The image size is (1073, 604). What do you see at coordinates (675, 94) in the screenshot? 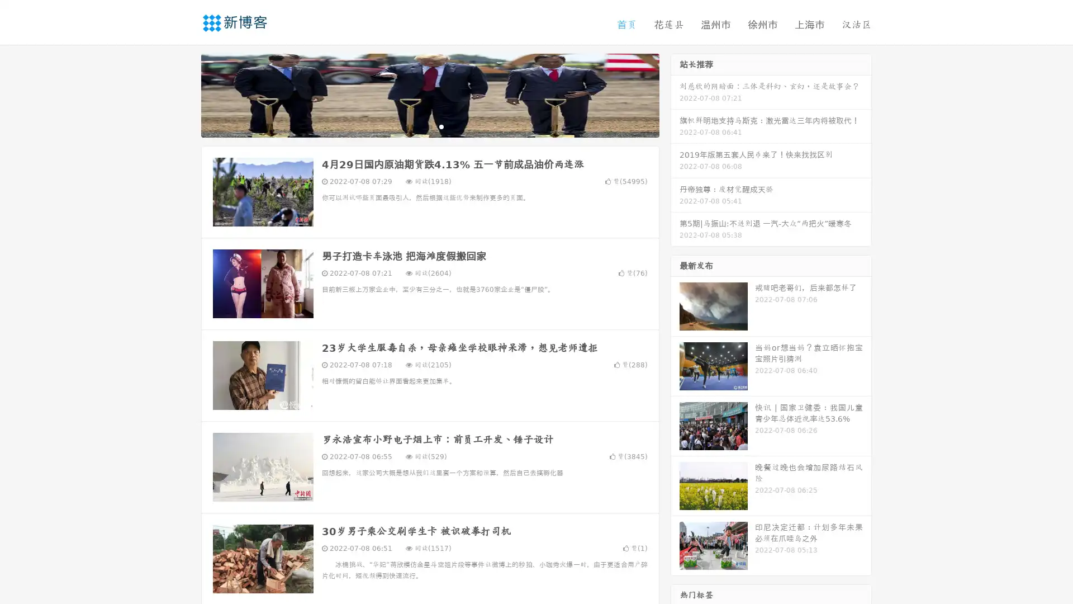
I see `Next slide` at bounding box center [675, 94].